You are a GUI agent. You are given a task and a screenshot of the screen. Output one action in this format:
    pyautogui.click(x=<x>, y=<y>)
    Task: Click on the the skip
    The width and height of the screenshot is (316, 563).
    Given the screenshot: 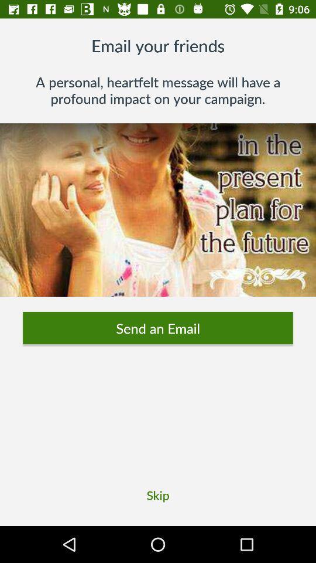 What is the action you would take?
    pyautogui.click(x=158, y=494)
    